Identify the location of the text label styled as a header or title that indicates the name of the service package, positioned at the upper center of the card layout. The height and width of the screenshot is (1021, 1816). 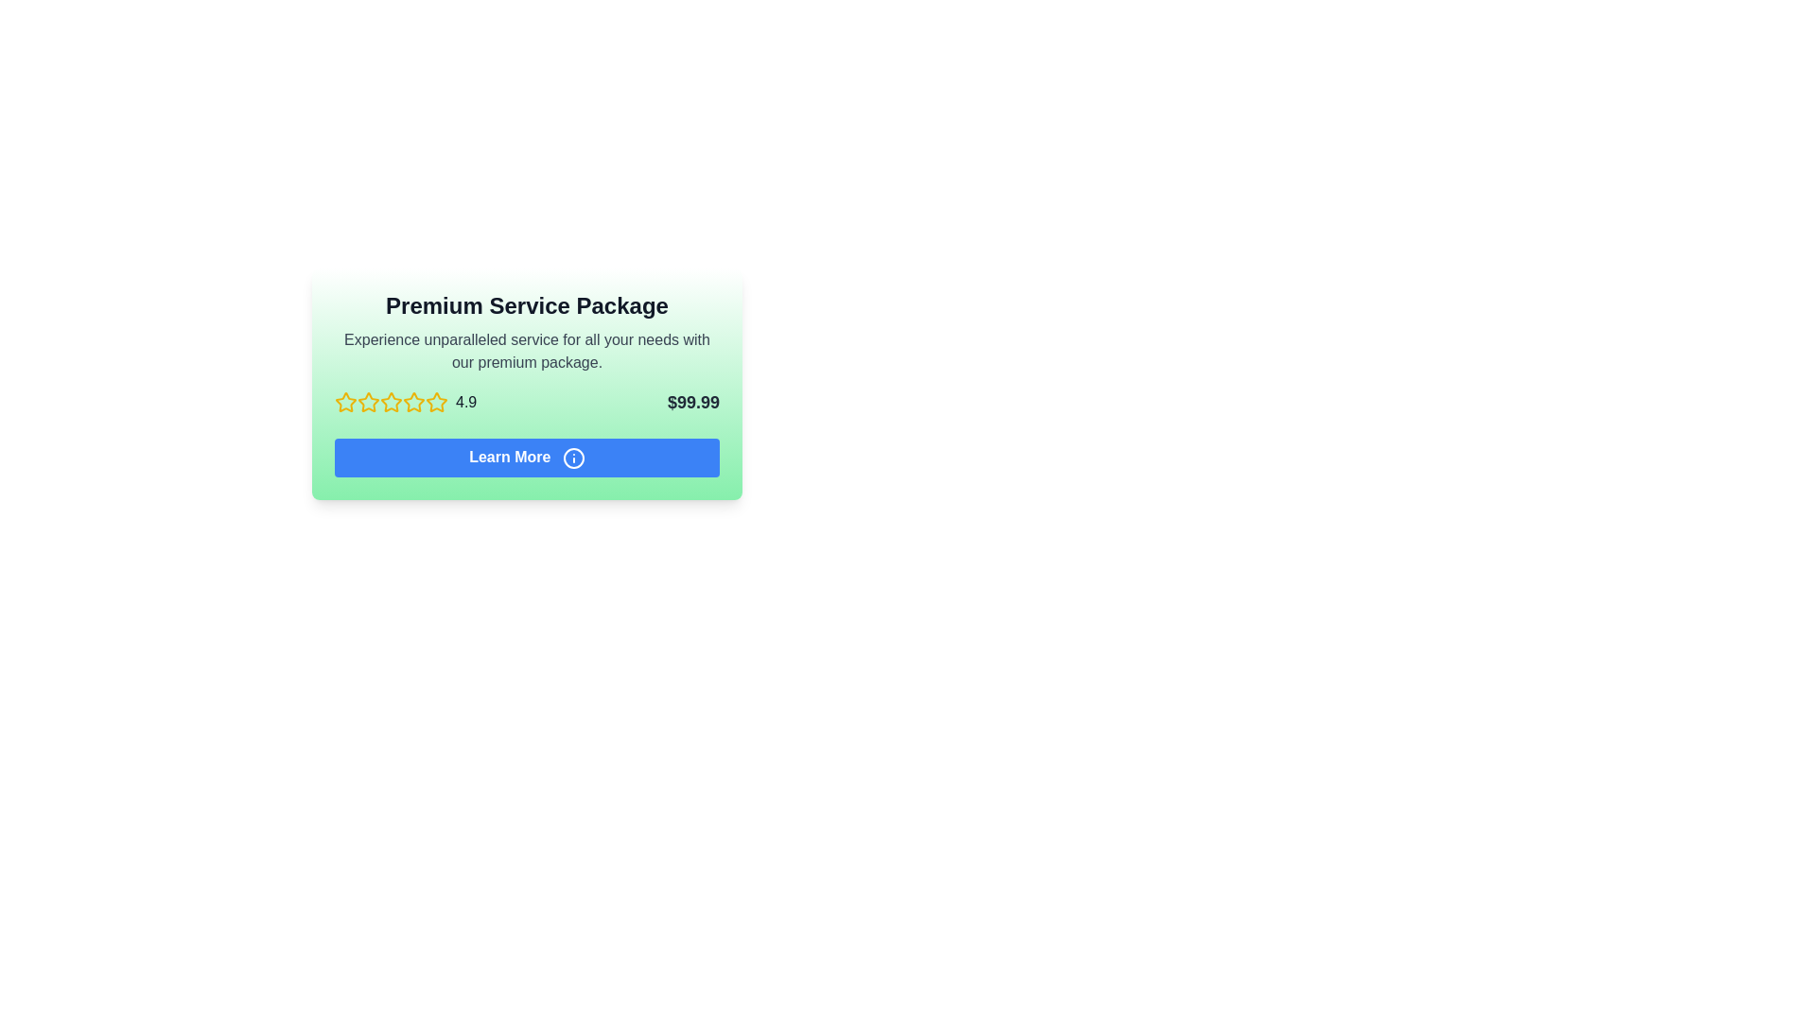
(527, 305).